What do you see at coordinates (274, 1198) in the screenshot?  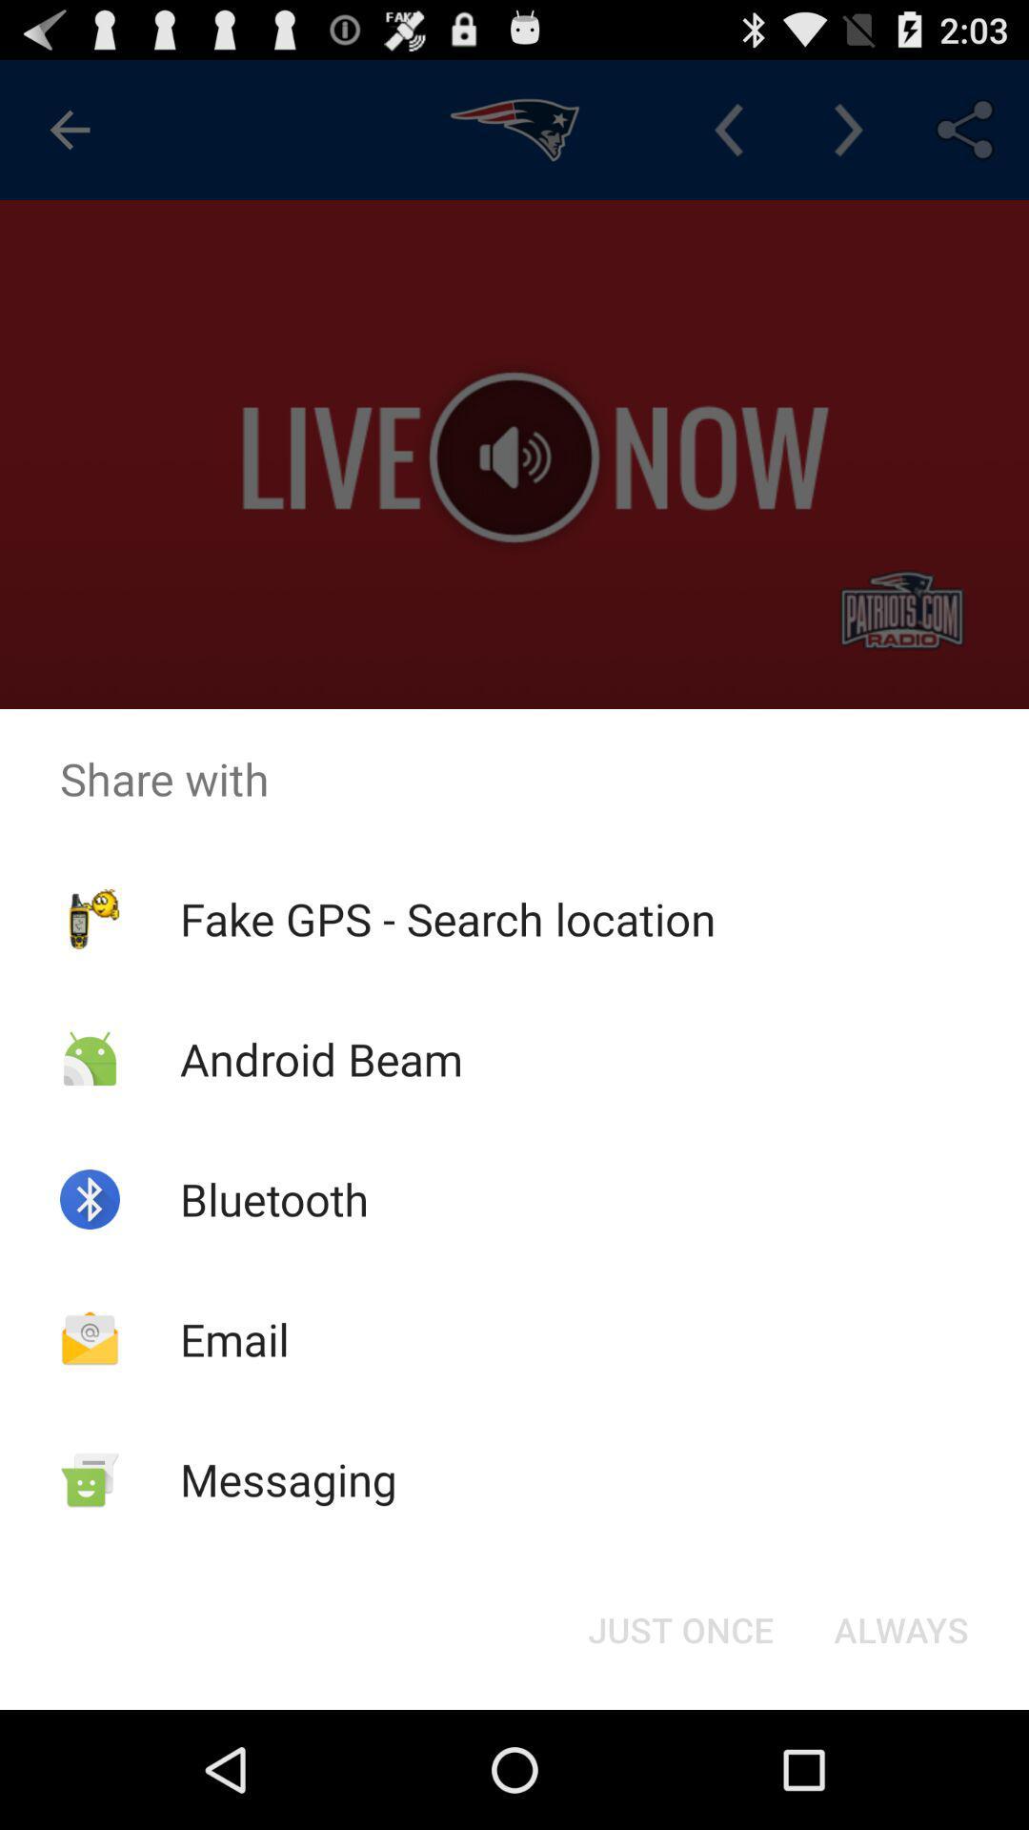 I see `item above the email item` at bounding box center [274, 1198].